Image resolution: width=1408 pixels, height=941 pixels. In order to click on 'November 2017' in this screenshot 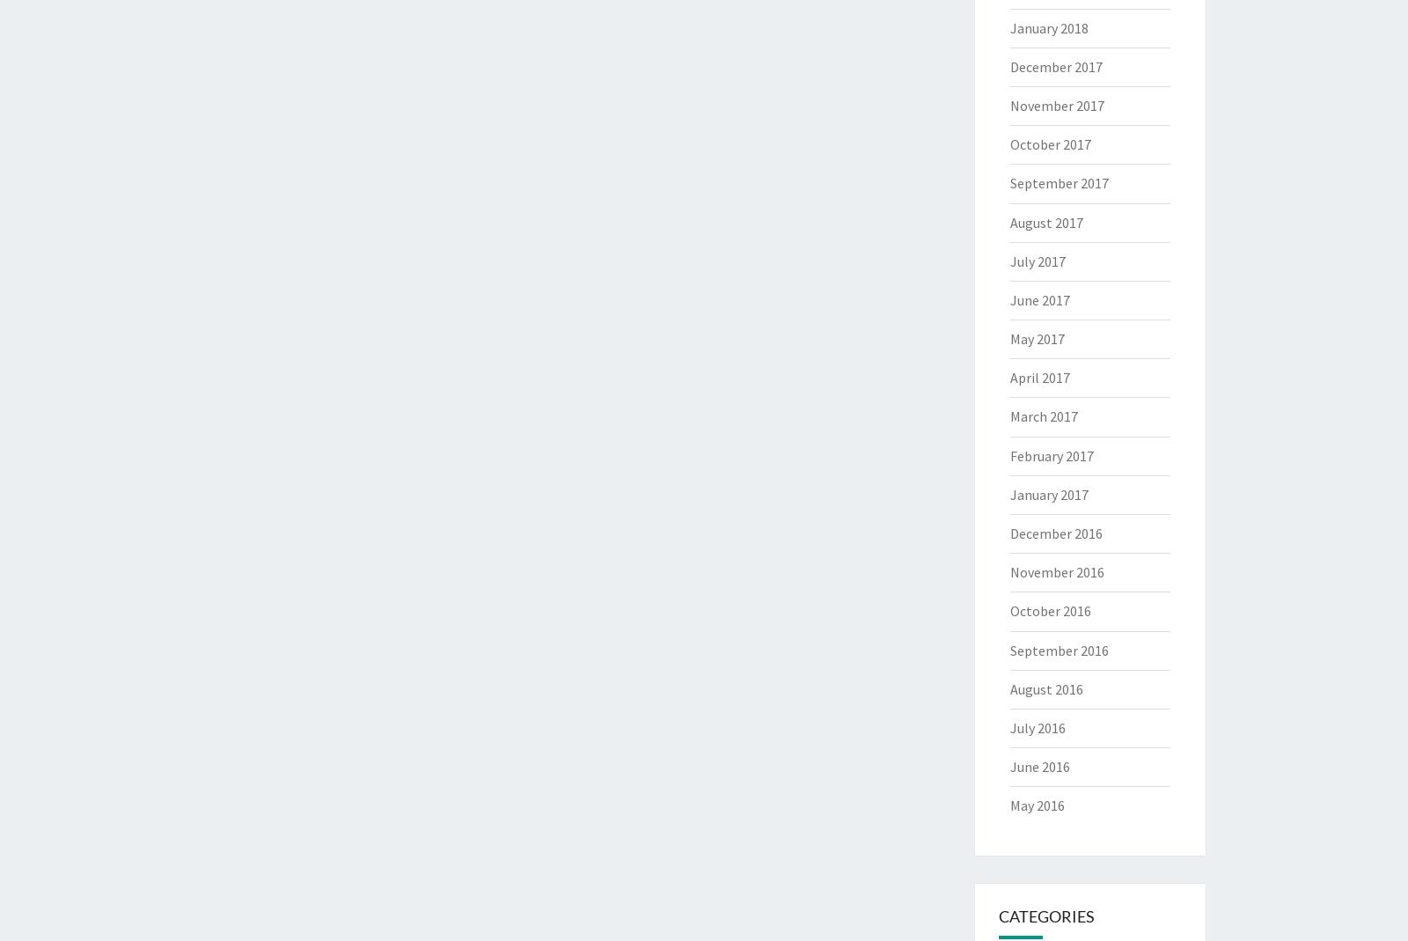, I will do `click(1009, 104)`.